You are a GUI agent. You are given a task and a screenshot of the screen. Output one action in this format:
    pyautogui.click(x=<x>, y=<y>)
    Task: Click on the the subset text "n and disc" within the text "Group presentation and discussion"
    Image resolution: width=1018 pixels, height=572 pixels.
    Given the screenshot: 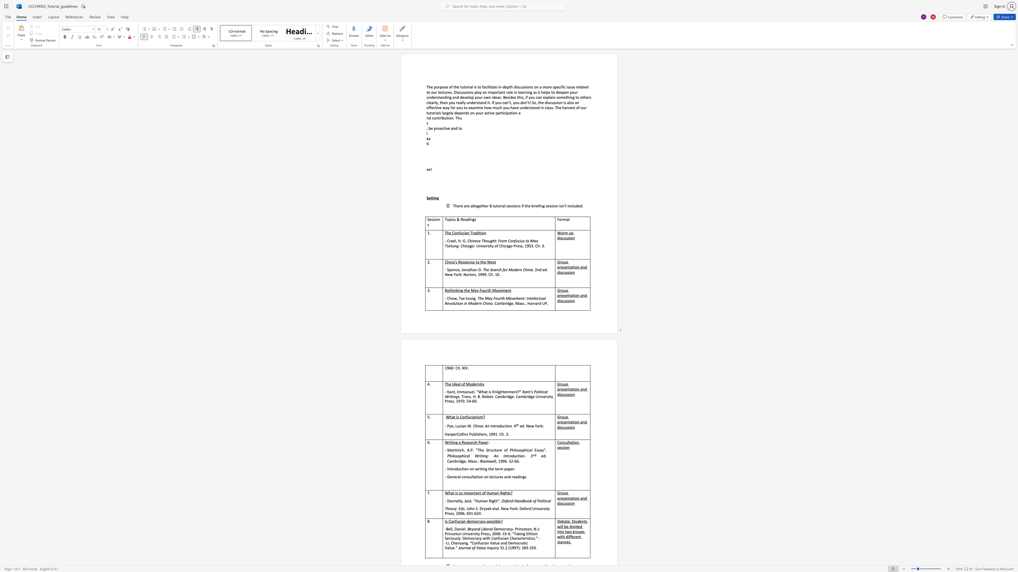 What is the action you would take?
    pyautogui.click(x=576, y=389)
    